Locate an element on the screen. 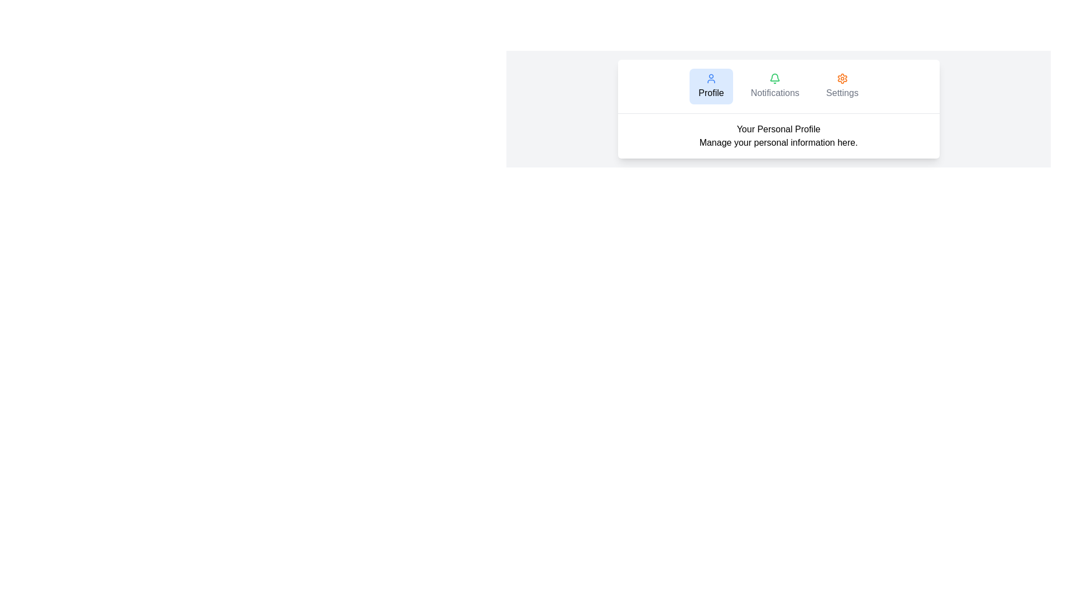 The width and height of the screenshot is (1072, 603). the tab labeled Settings to view its content is located at coordinates (842, 85).